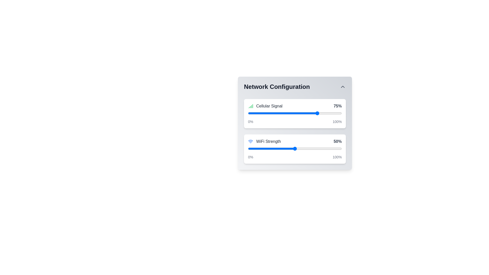 The image size is (489, 275). I want to click on the handle of the 'Cellular Signal' range slider, so click(295, 113).